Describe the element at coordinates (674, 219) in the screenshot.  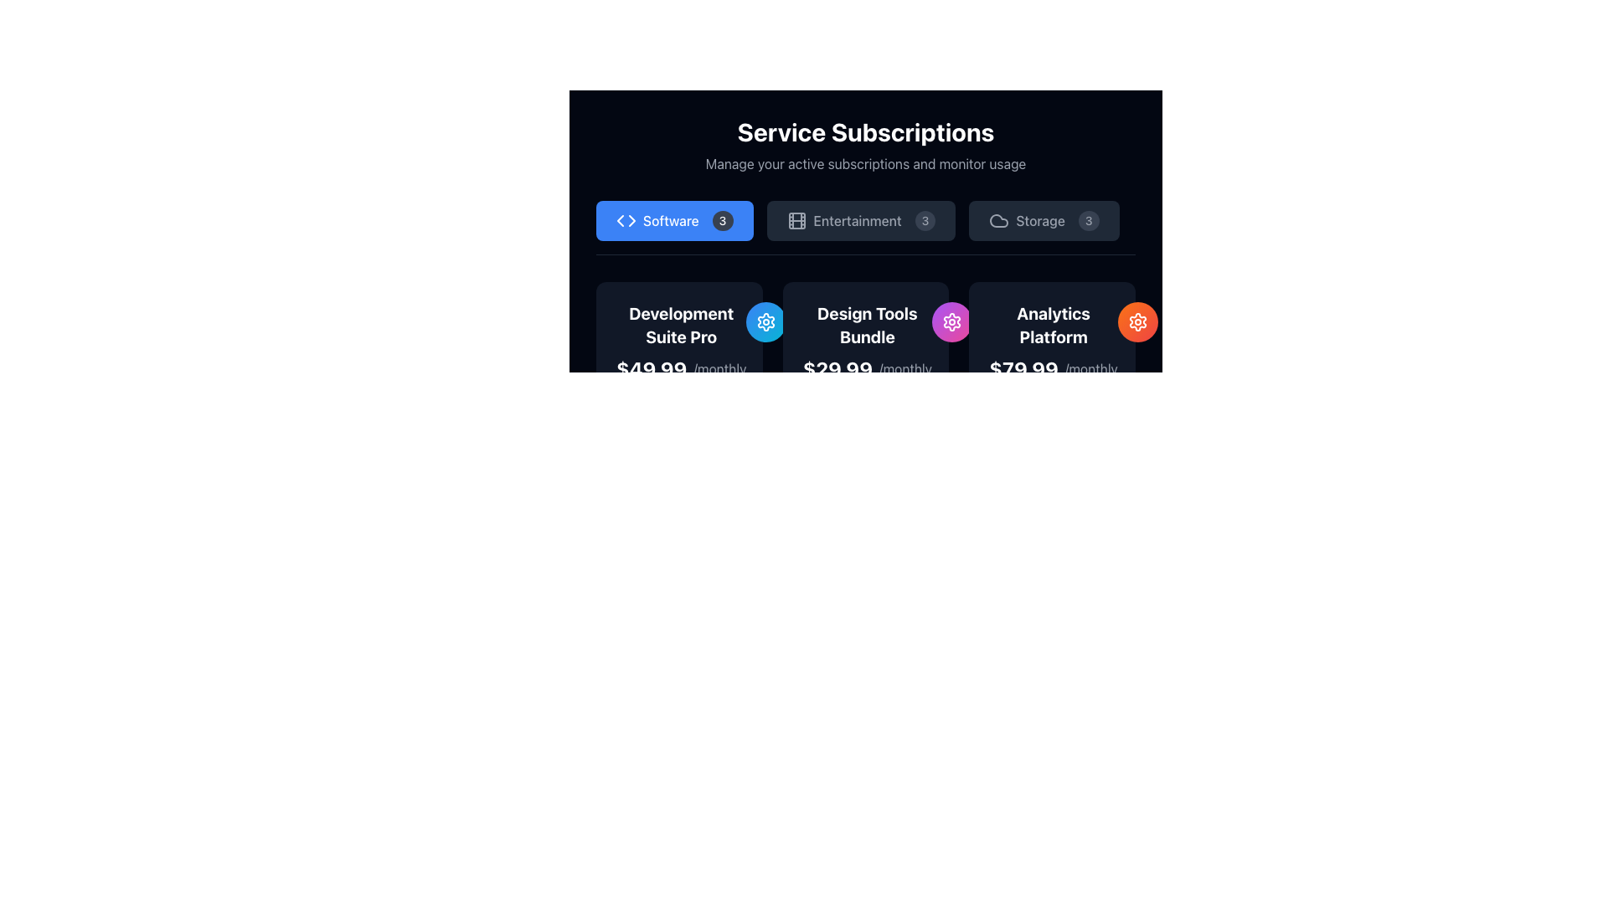
I see `the first button in the Software category for navigation` at that location.